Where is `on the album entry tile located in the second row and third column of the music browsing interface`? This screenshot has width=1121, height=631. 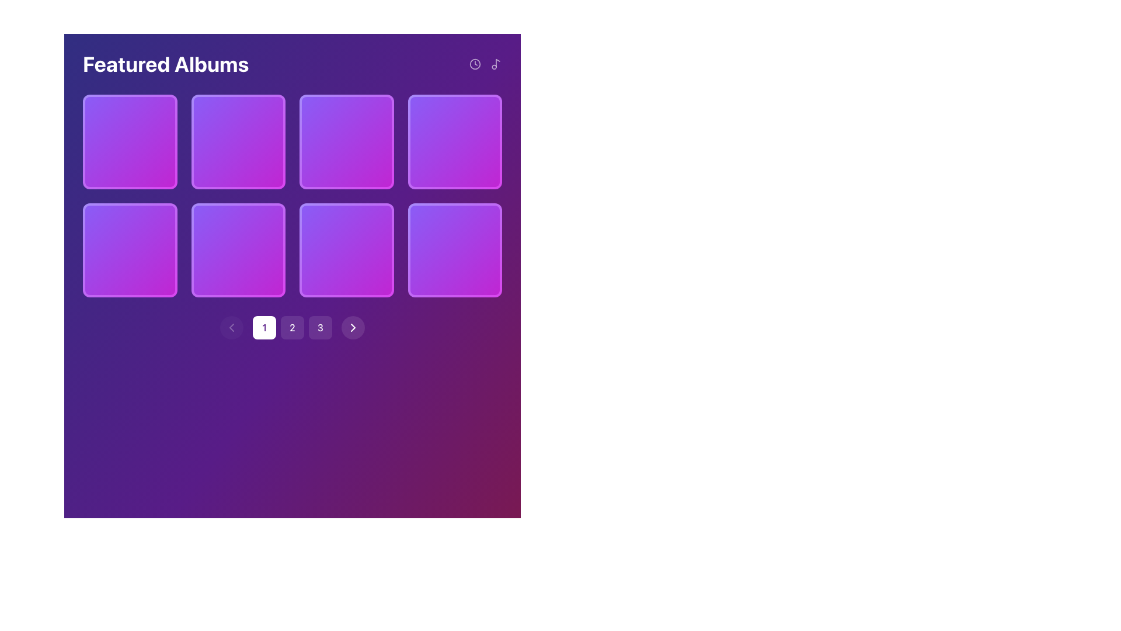
on the album entry tile located in the second row and third column of the music browsing interface is located at coordinates (346, 249).